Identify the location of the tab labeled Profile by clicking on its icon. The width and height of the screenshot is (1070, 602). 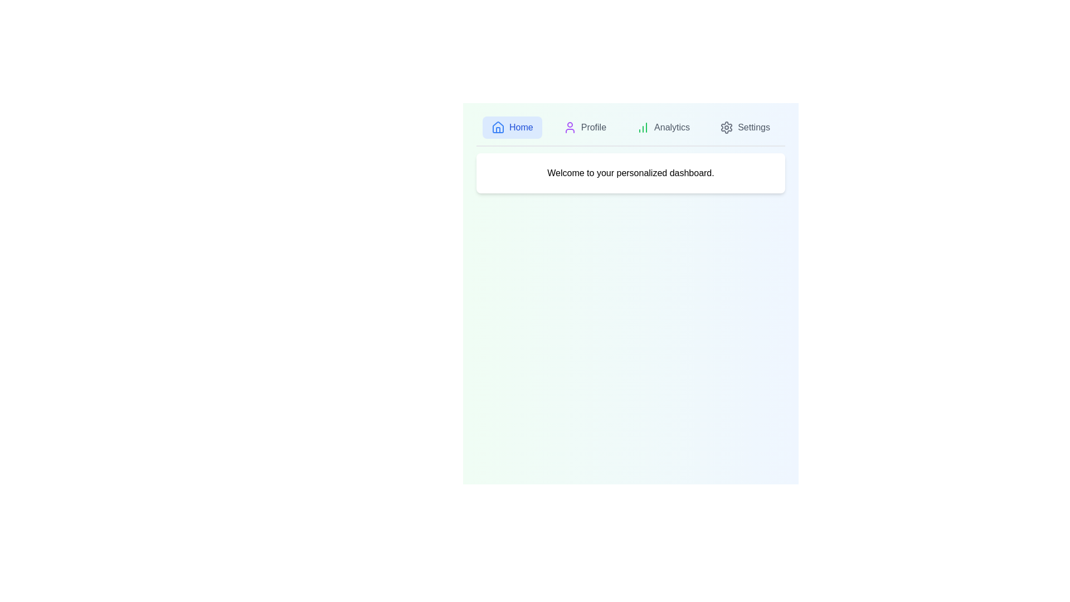
(584, 127).